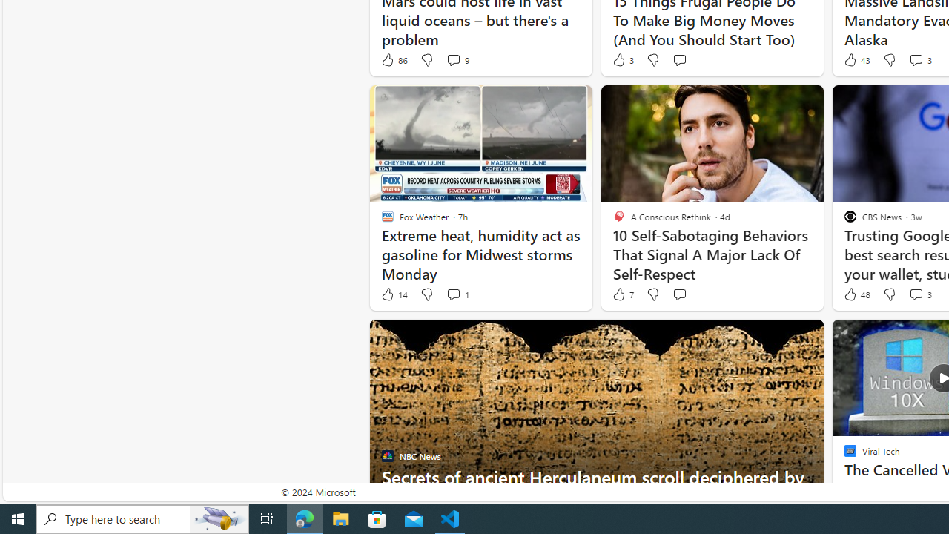  What do you see at coordinates (452, 59) in the screenshot?
I see `'View comments 9 Comment'` at bounding box center [452, 59].